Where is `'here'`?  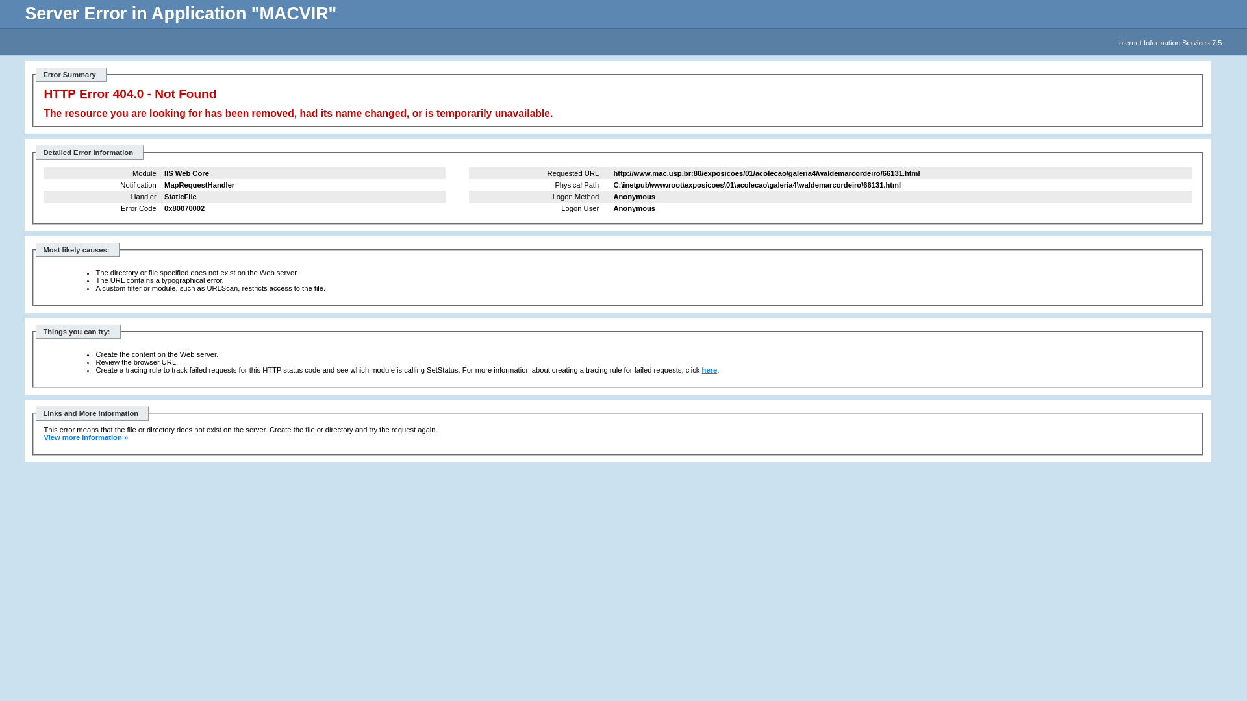
'here' is located at coordinates (709, 370).